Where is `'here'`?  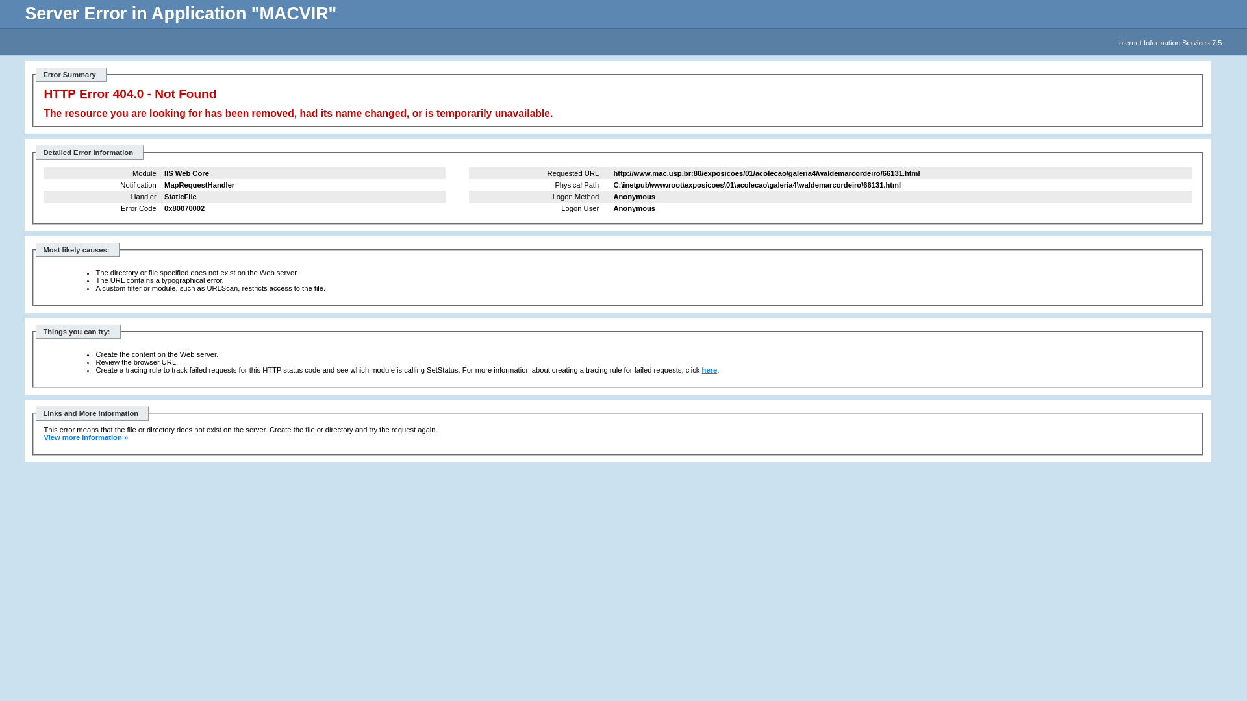
'here' is located at coordinates (709, 370).